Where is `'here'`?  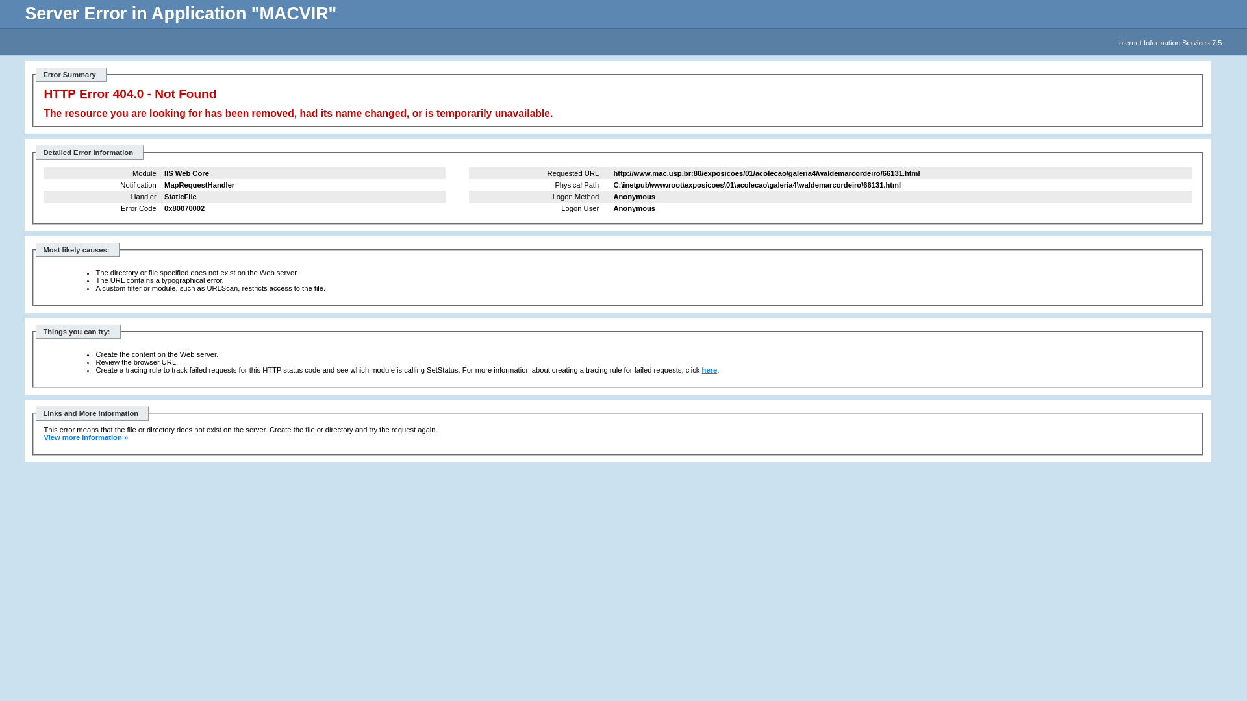
'here' is located at coordinates (709, 370).